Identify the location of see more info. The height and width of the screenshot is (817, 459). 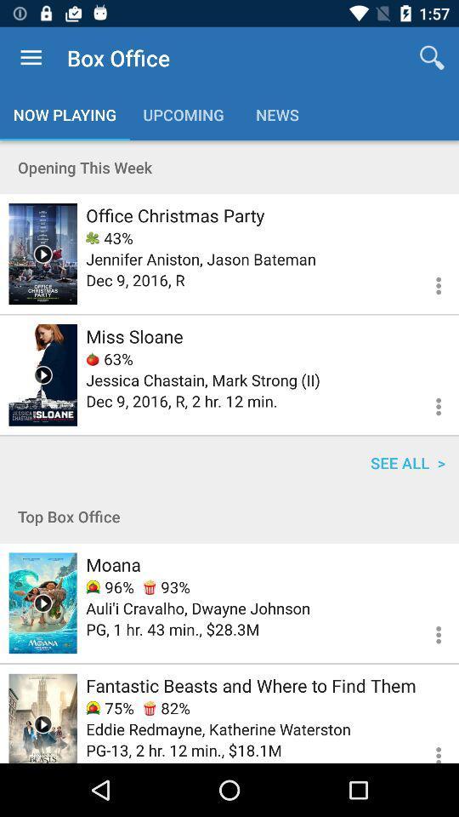
(428, 631).